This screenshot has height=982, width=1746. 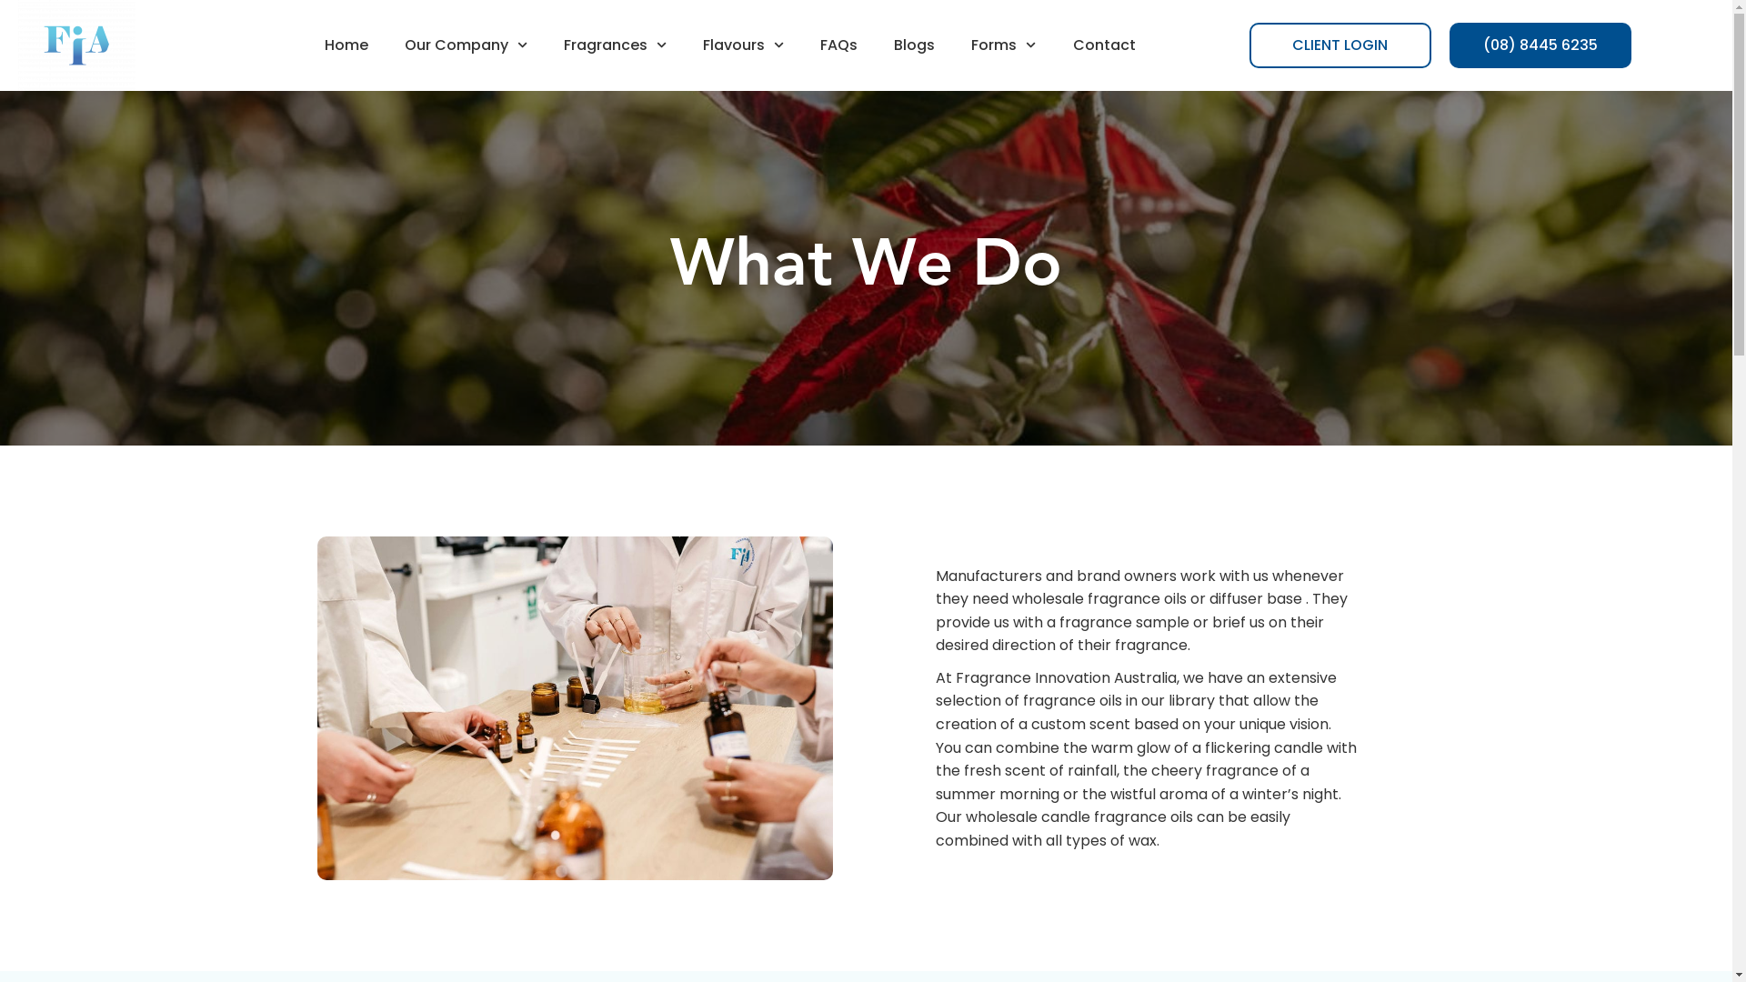 I want to click on 'FAQs', so click(x=838, y=45).